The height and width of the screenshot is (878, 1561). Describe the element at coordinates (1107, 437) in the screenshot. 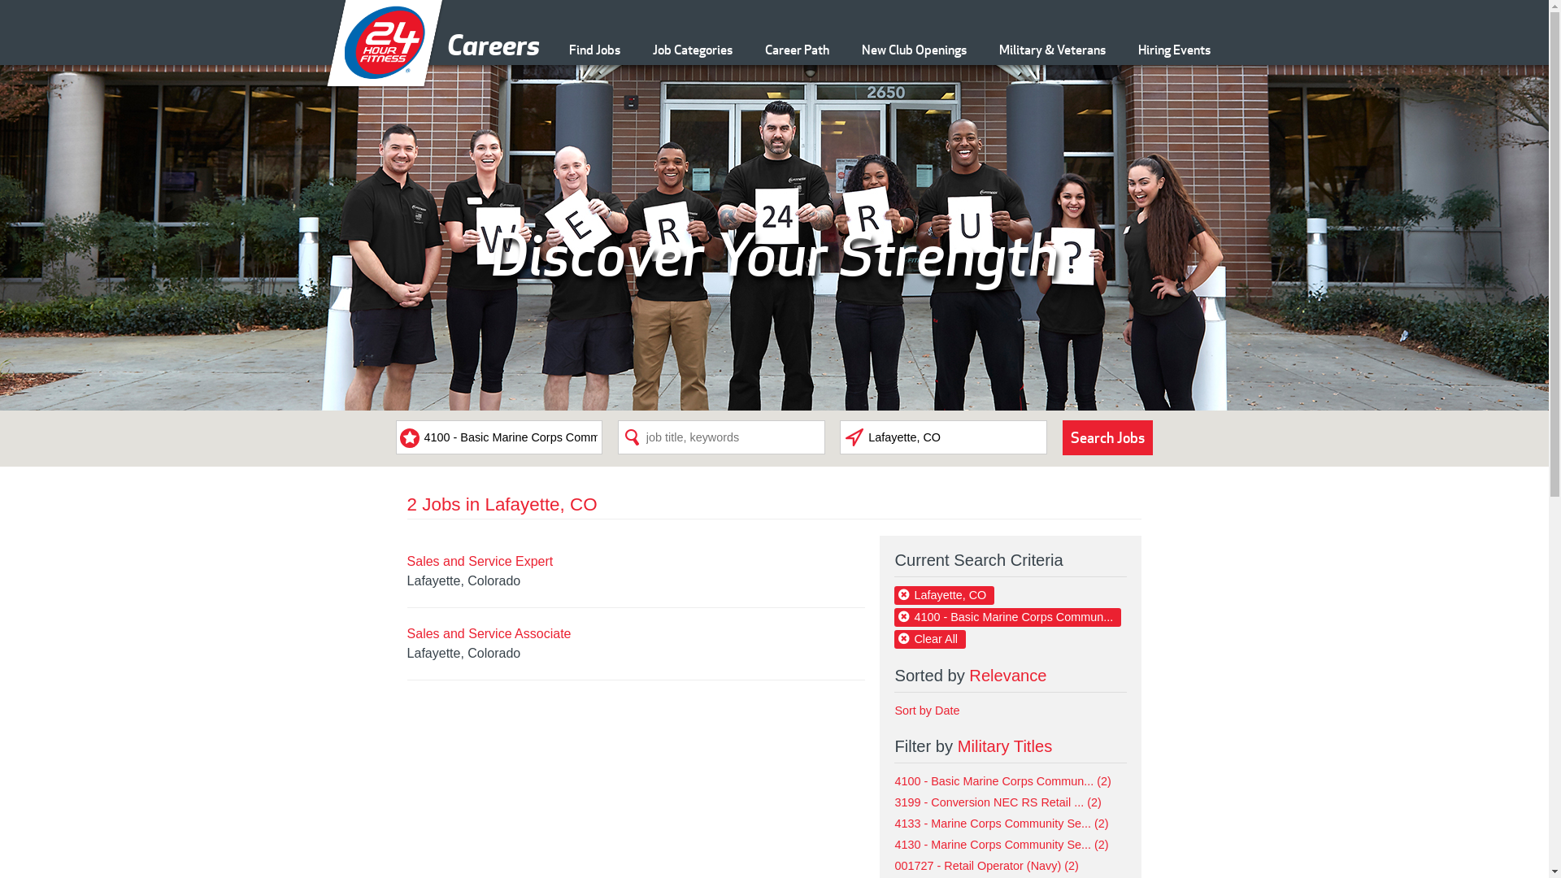

I see `'Search Jobs'` at that location.